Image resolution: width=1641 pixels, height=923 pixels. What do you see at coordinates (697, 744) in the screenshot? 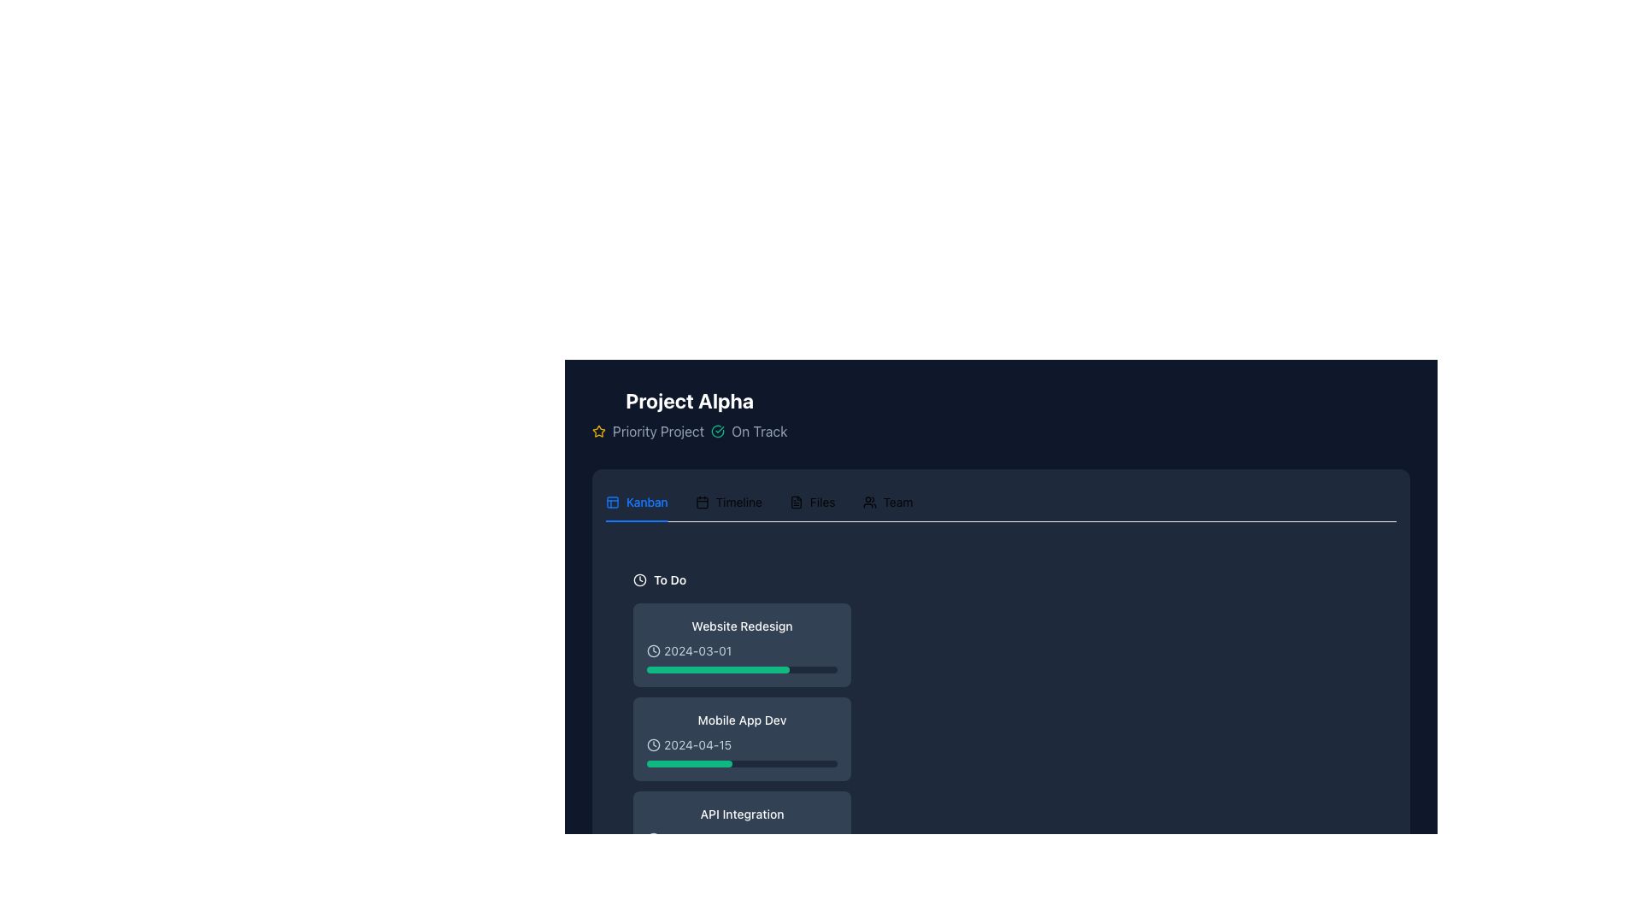
I see `the static text label displaying the due date for the task in the 'Mobile App Dev' card under the 'To Do' section, which follows the clock icon` at bounding box center [697, 744].